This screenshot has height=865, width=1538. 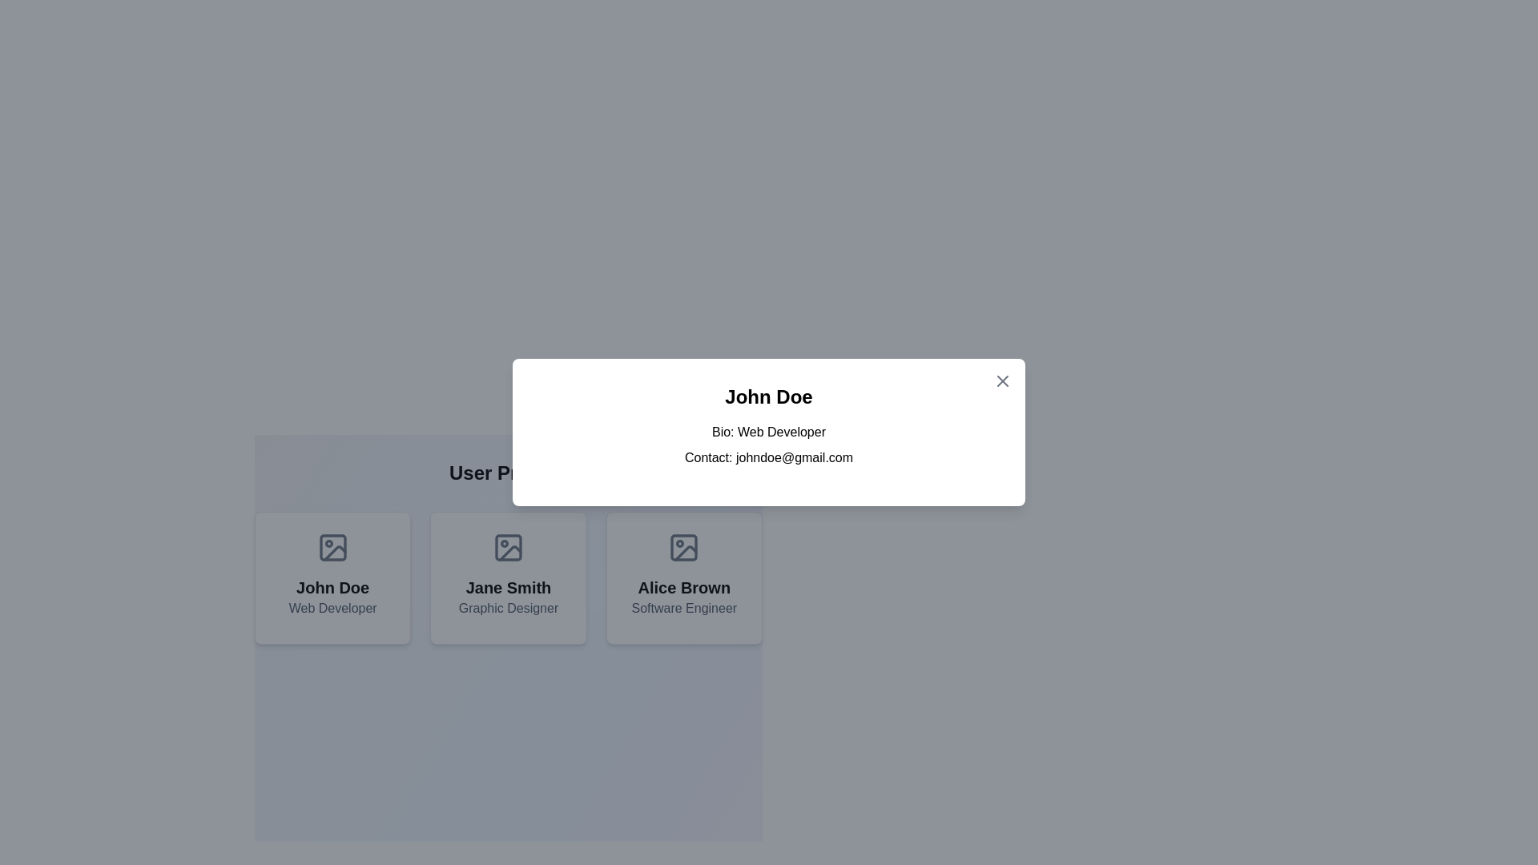 I want to click on the Profile card, which is the second card in a row of three, so click(x=507, y=577).